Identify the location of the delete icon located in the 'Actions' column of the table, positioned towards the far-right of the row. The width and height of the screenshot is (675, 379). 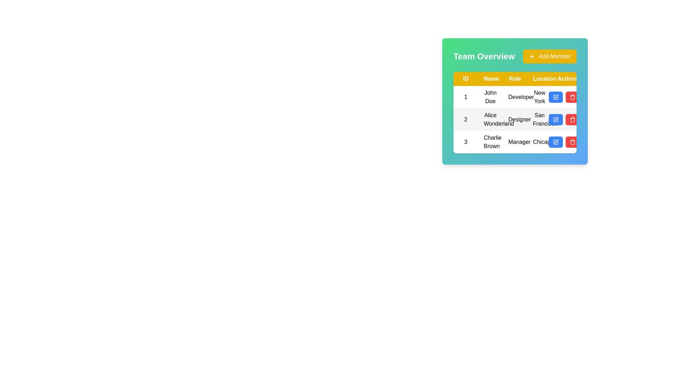
(572, 142).